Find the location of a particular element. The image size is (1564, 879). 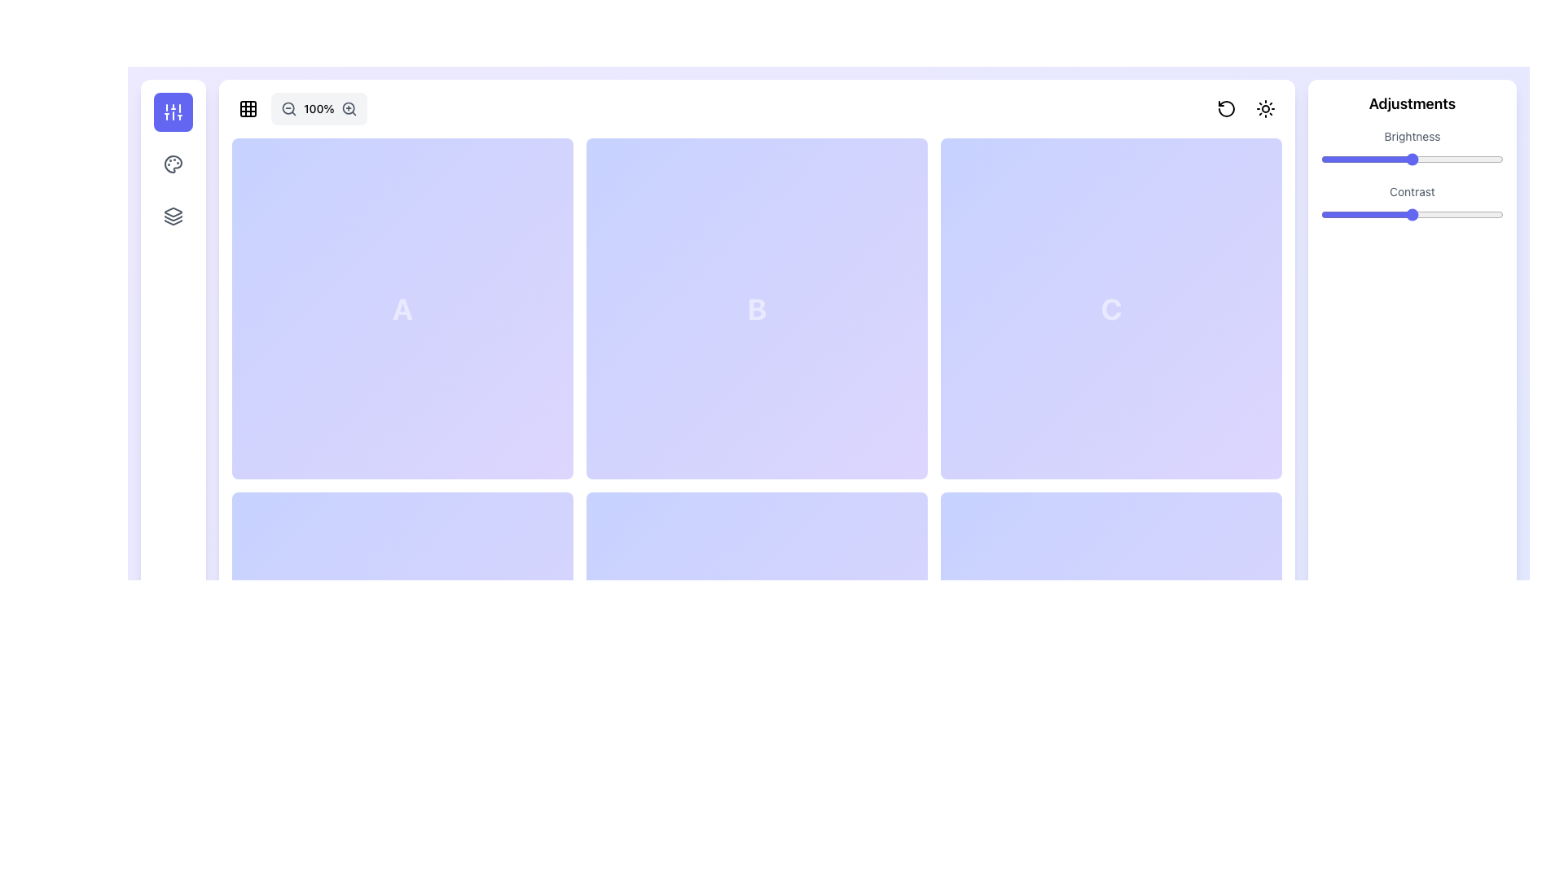

the brightness level is located at coordinates (1472, 160).